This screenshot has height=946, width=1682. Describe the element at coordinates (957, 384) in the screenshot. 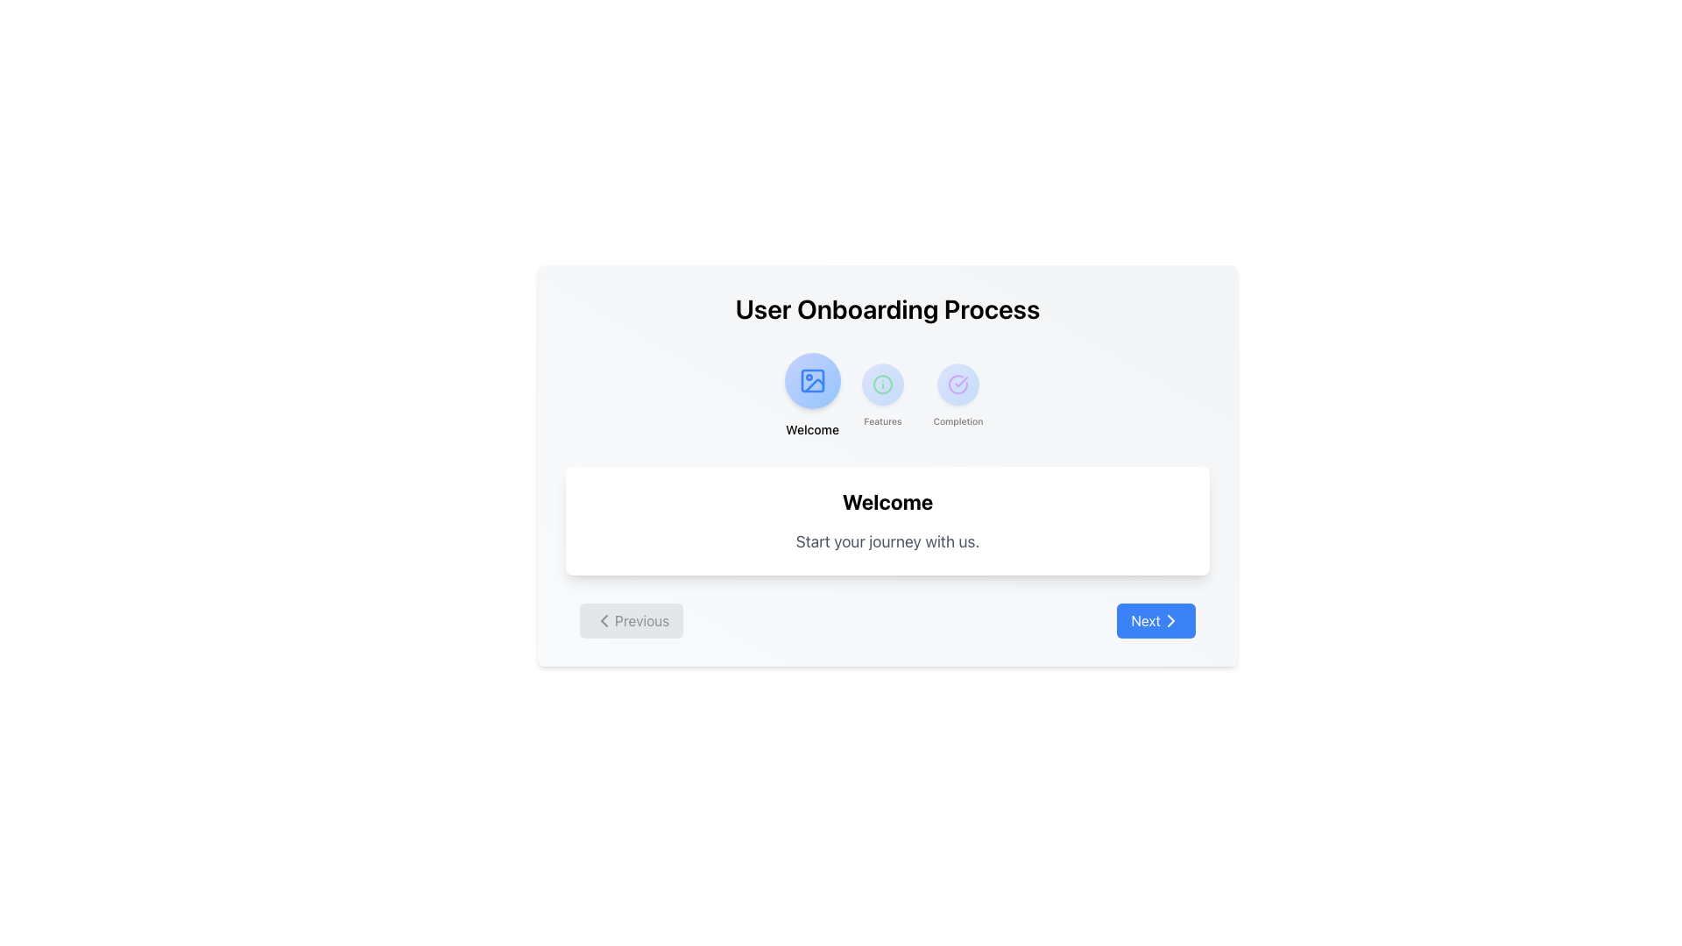

I see `the status indicator icon located centrally at the top section of the interface under the label 'Completion'` at that location.